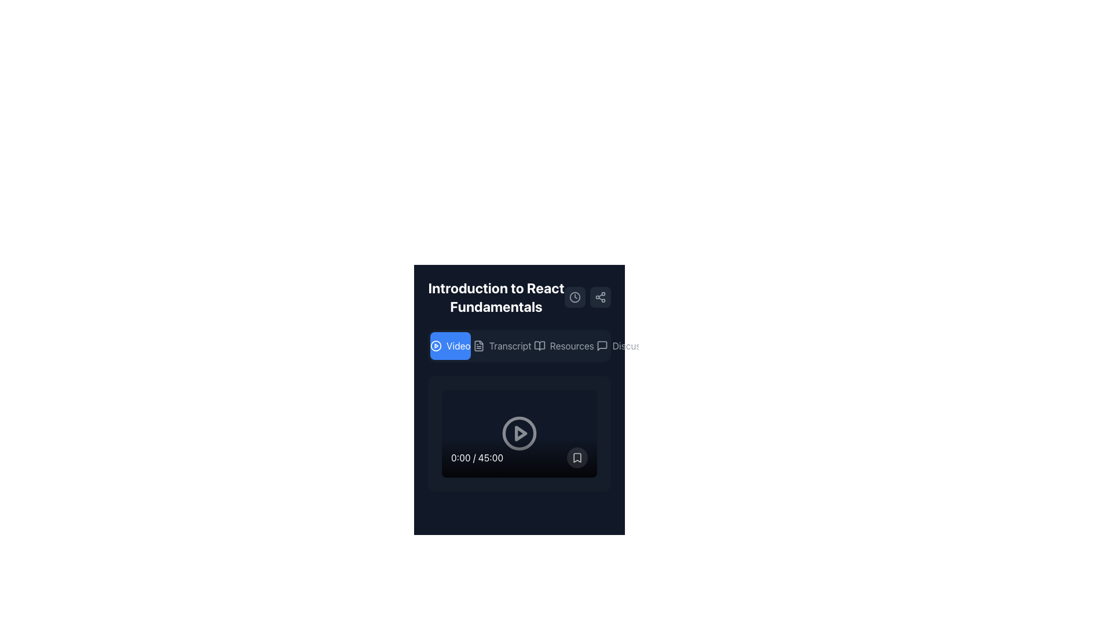 This screenshot has width=1112, height=626. What do you see at coordinates (502, 345) in the screenshot?
I see `the 'Transcript' button` at bounding box center [502, 345].